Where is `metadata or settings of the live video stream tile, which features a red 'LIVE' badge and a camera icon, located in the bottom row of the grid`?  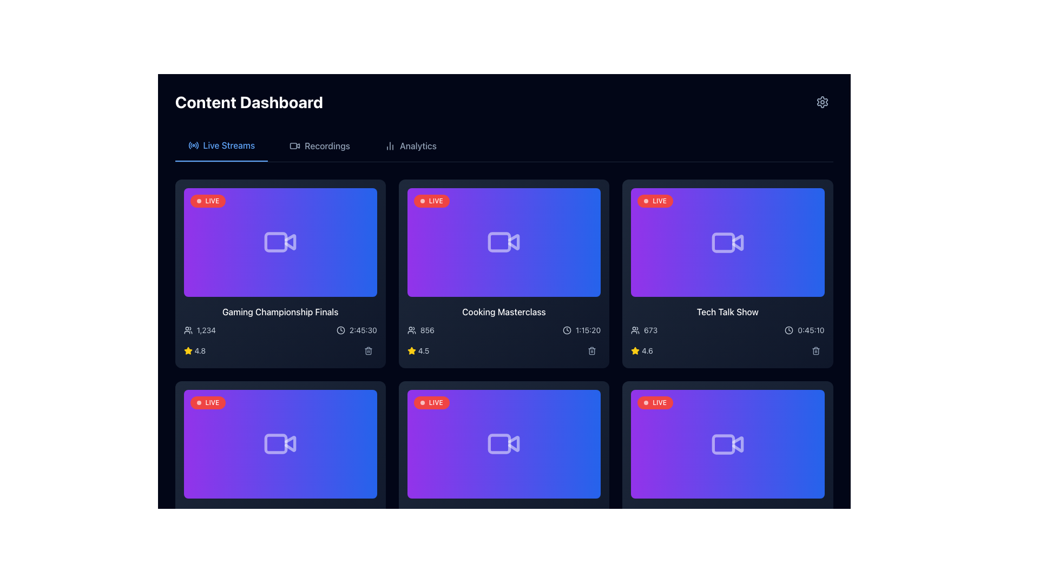 metadata or settings of the live video stream tile, which features a red 'LIVE' badge and a camera icon, located in the bottom row of the grid is located at coordinates (503, 444).